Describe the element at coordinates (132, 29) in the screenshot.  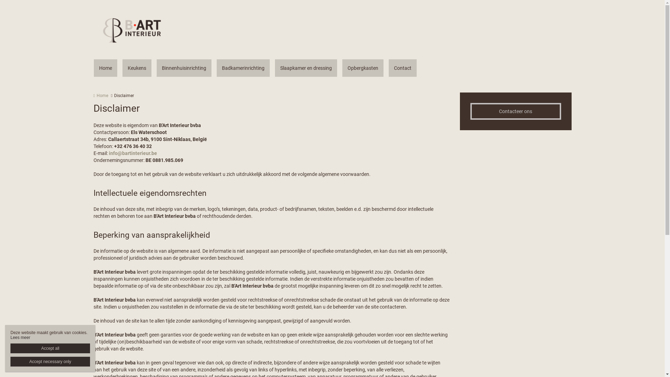
I see `'Home | Bart Interieur'` at that location.